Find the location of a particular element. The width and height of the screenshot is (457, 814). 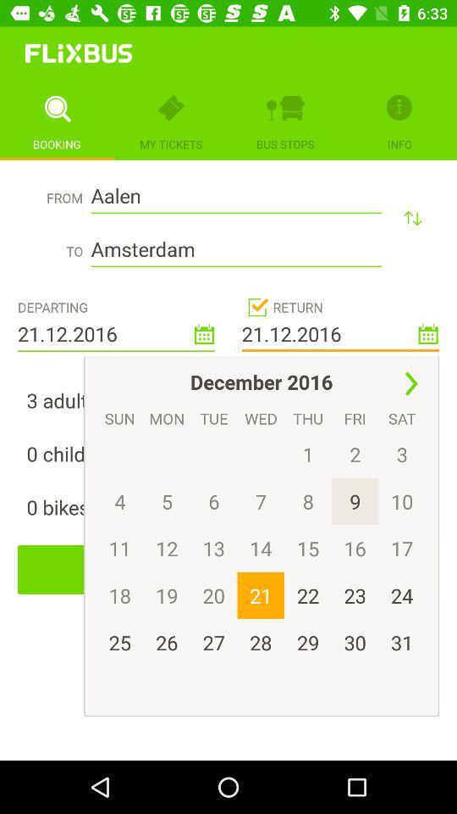

move forward to next month is located at coordinates (410, 384).